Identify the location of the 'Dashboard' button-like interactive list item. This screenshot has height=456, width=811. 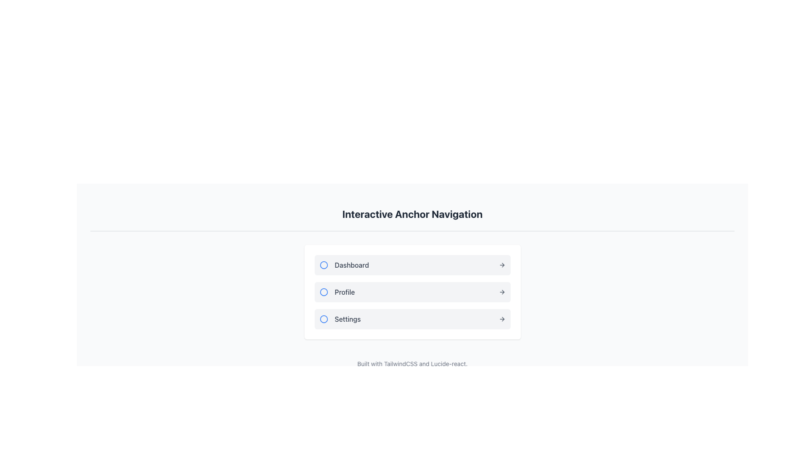
(412, 265).